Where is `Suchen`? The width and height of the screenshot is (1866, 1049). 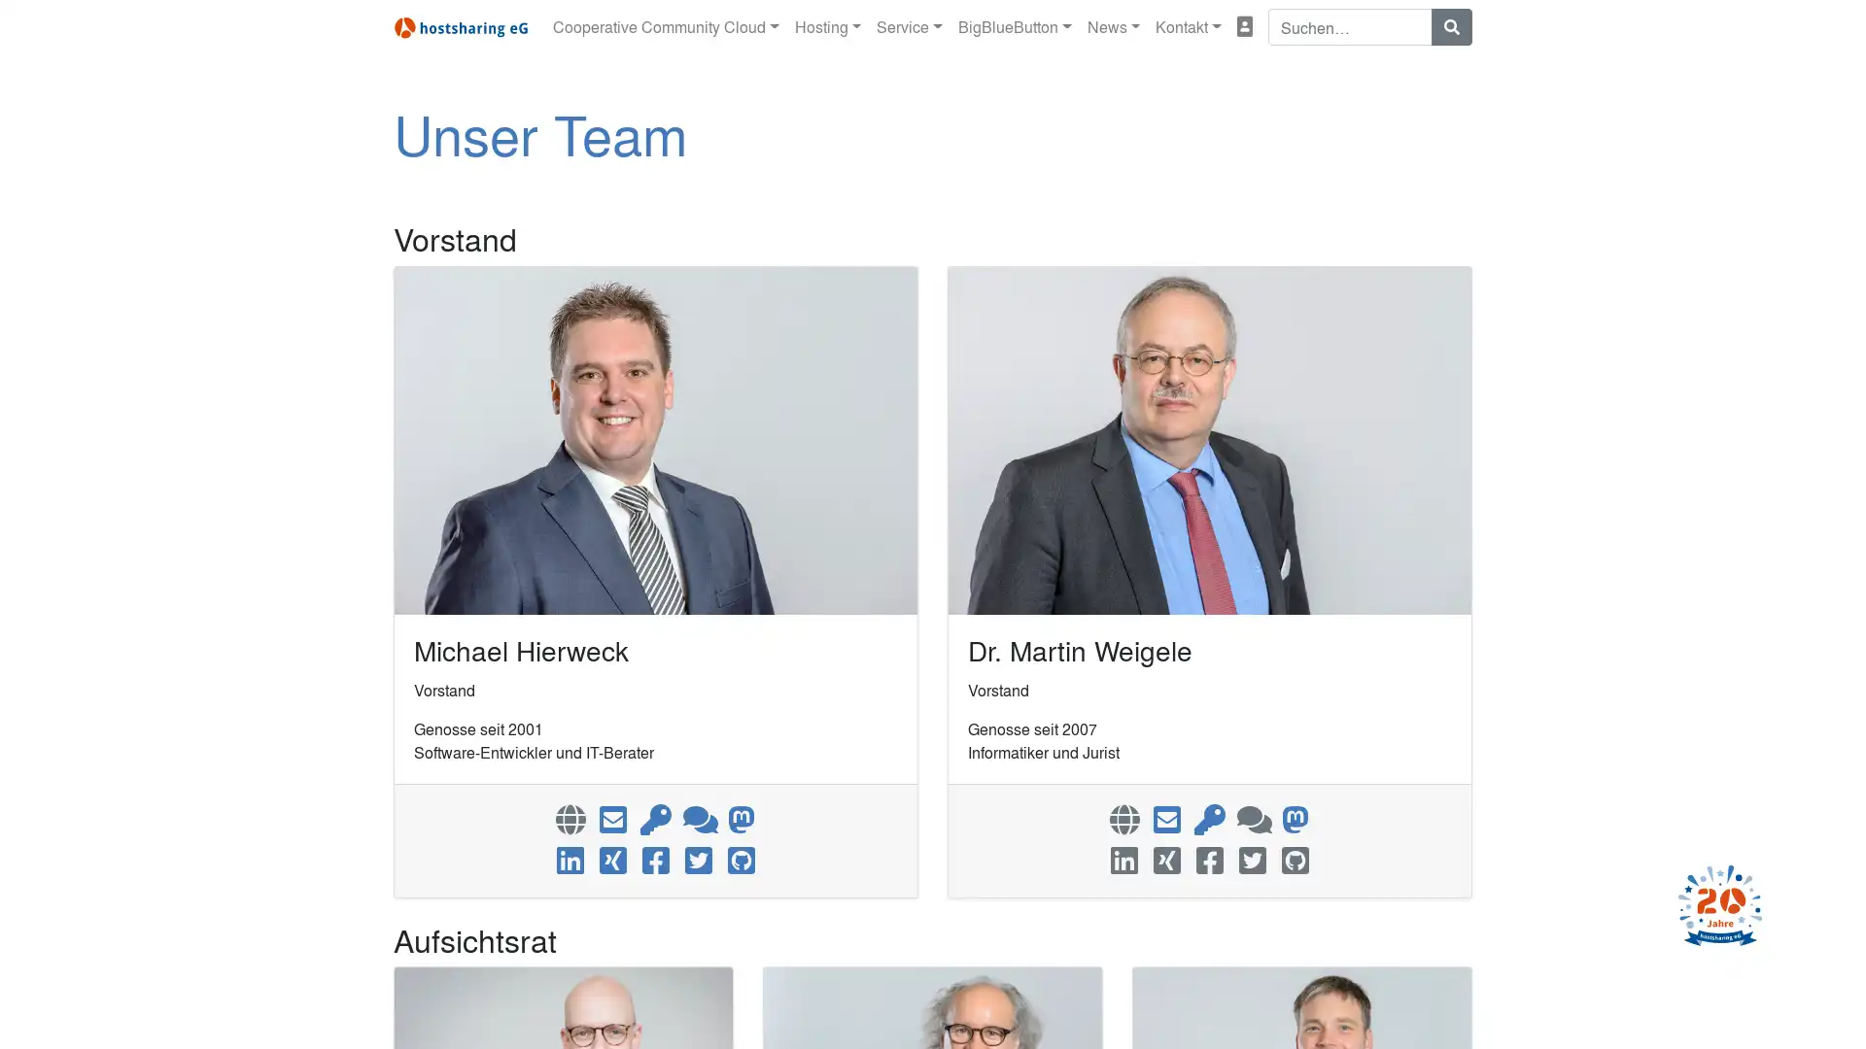 Suchen is located at coordinates (1451, 26).